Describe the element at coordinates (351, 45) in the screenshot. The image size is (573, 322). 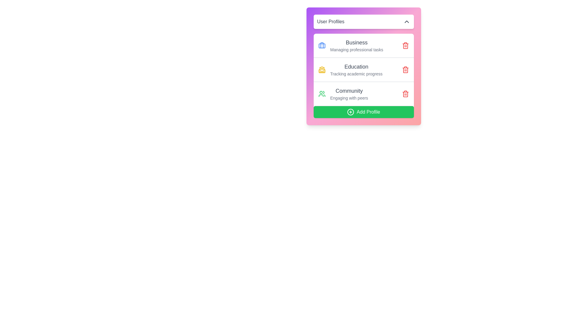
I see `the topmost business profile list item` at that location.